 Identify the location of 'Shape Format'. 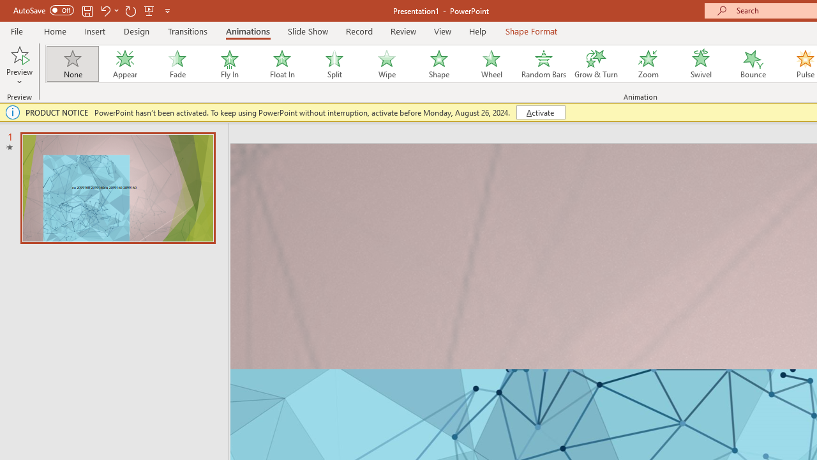
(531, 31).